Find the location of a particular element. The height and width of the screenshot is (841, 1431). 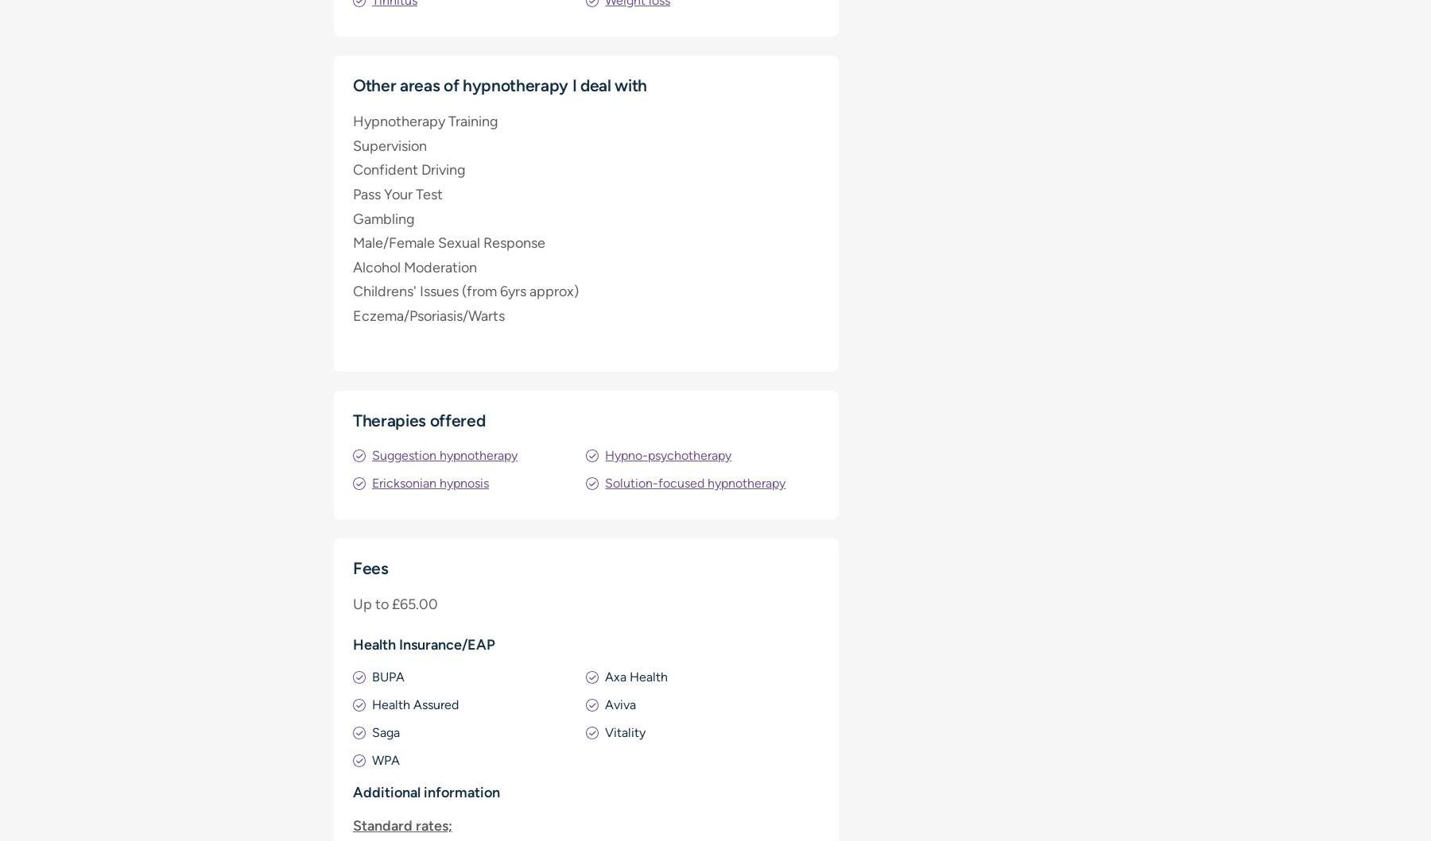

'Vitality' is located at coordinates (624, 731).